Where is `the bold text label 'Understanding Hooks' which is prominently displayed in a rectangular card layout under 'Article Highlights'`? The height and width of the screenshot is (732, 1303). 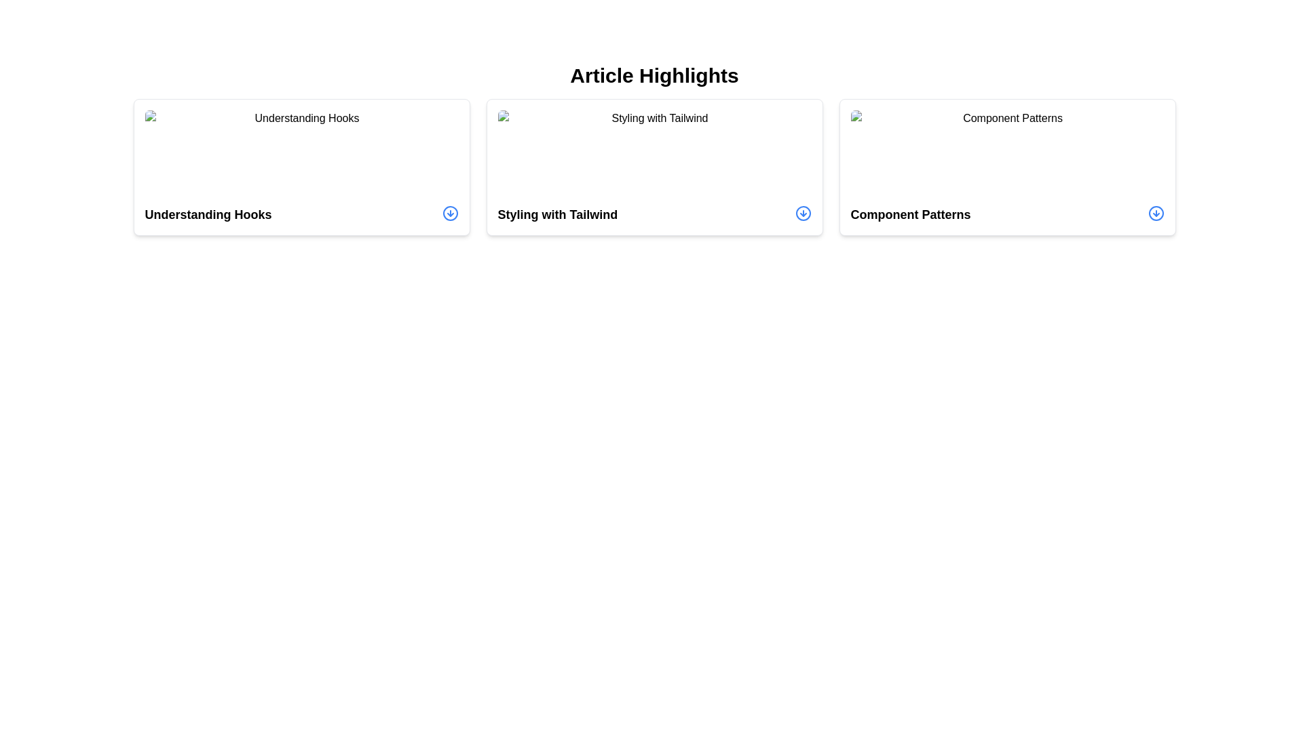 the bold text label 'Understanding Hooks' which is prominently displayed in a rectangular card layout under 'Article Highlights' is located at coordinates (208, 213).